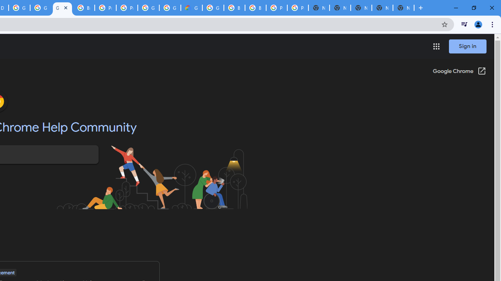  I want to click on 'You', so click(478, 24).